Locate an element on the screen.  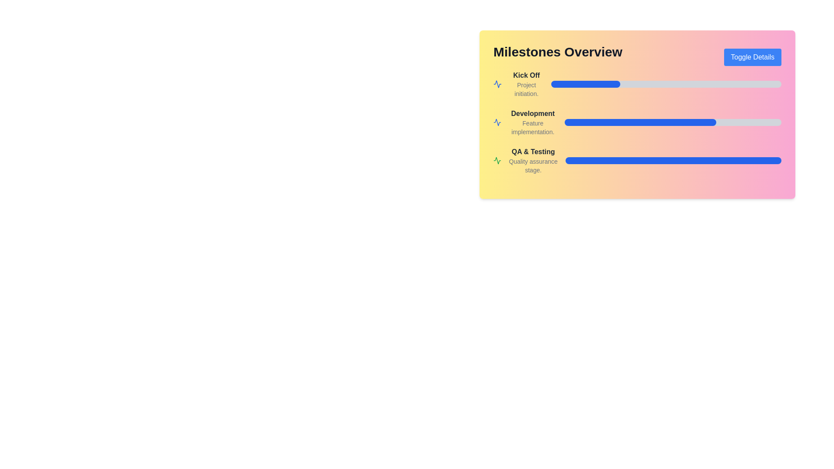
title and subtitle from the text display element located in the yellow-gradient panel under 'Milestones Overview', which is the second milestone in the list is located at coordinates (532, 122).